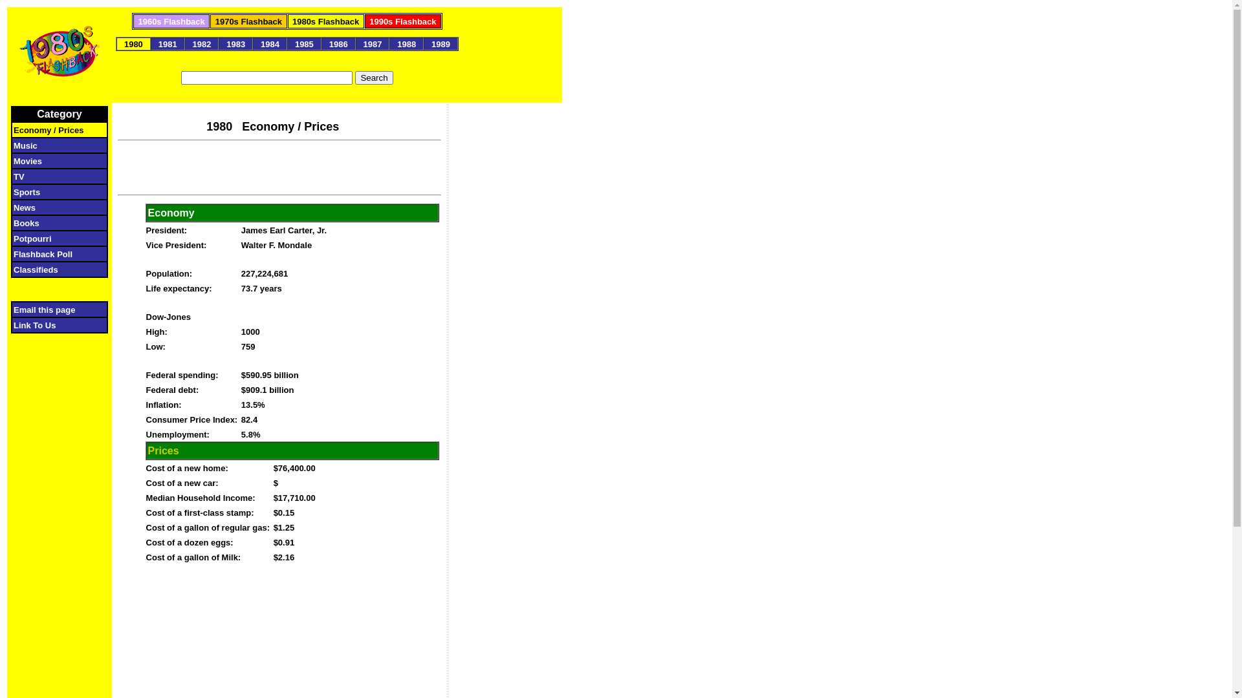 Image resolution: width=1242 pixels, height=698 pixels. What do you see at coordinates (170, 21) in the screenshot?
I see `'1960s Flashback'` at bounding box center [170, 21].